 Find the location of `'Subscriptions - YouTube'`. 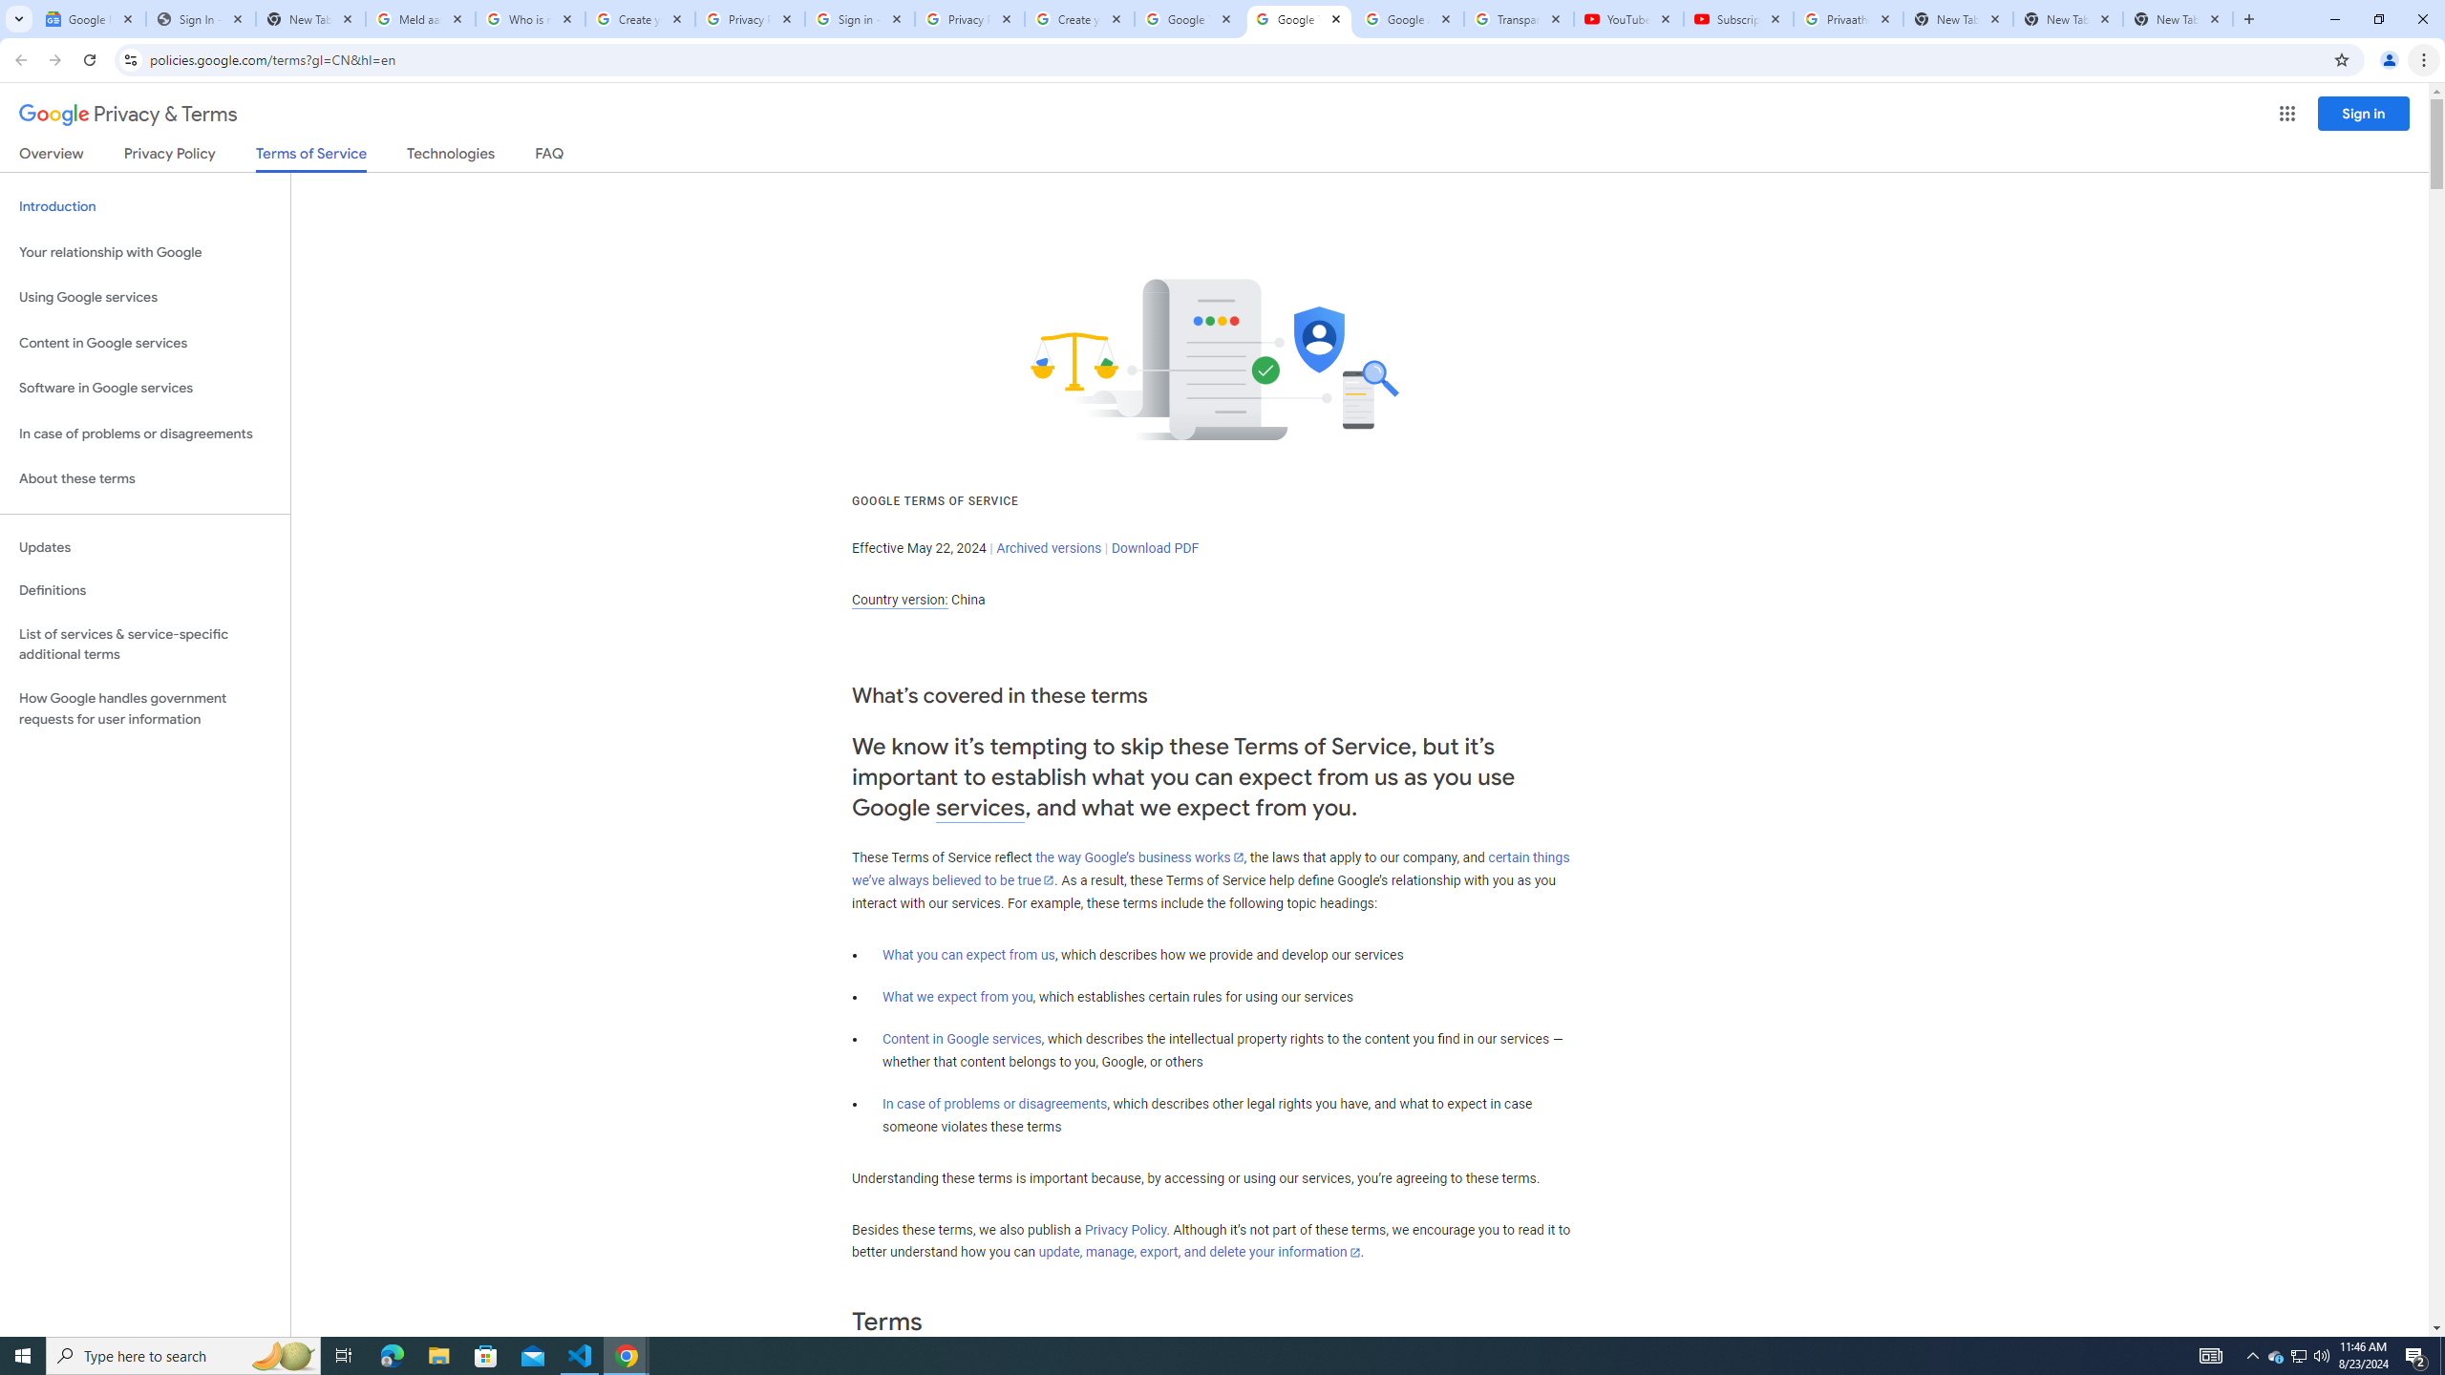

'Subscriptions - YouTube' is located at coordinates (1737, 18).